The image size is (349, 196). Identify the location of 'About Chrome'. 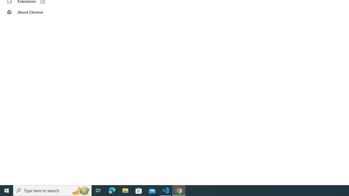
(34, 12).